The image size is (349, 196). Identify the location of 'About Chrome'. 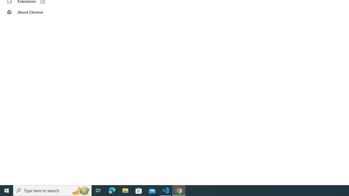
(34, 12).